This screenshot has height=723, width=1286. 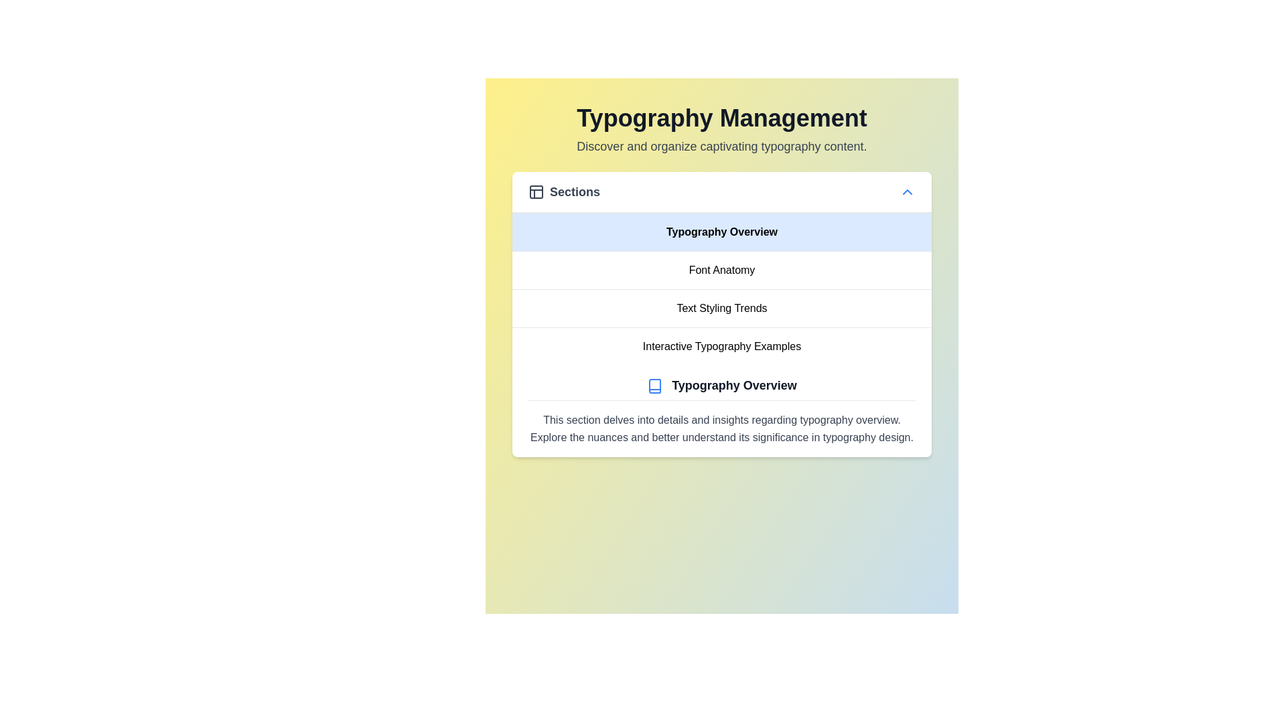 What do you see at coordinates (537, 191) in the screenshot?
I see `the icon located immediately to the left of the 'Sections' label in the header area of the panel` at bounding box center [537, 191].